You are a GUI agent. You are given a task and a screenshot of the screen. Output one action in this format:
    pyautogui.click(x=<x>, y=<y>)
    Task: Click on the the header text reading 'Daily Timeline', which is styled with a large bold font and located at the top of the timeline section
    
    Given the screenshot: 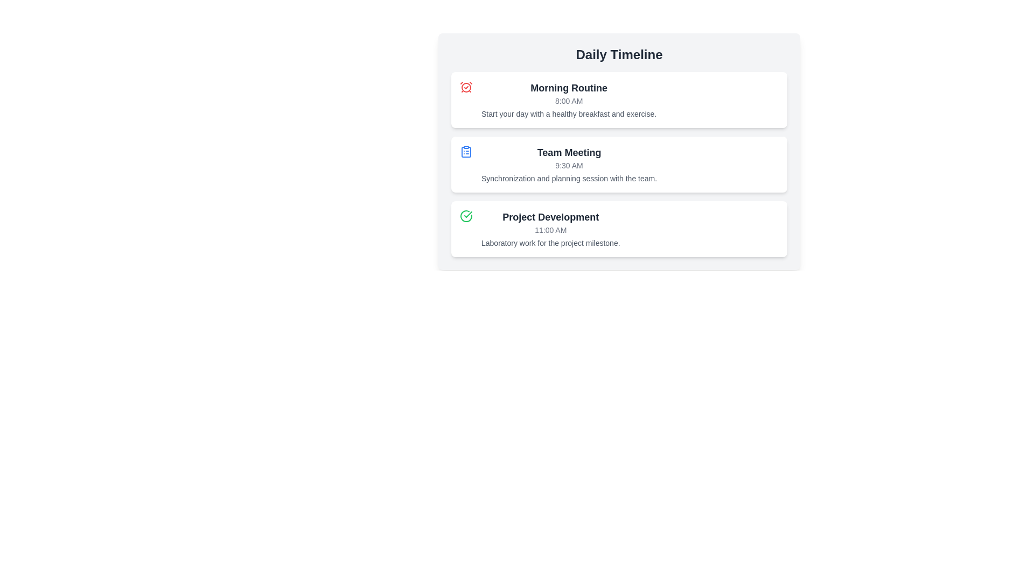 What is the action you would take?
    pyautogui.click(x=619, y=54)
    